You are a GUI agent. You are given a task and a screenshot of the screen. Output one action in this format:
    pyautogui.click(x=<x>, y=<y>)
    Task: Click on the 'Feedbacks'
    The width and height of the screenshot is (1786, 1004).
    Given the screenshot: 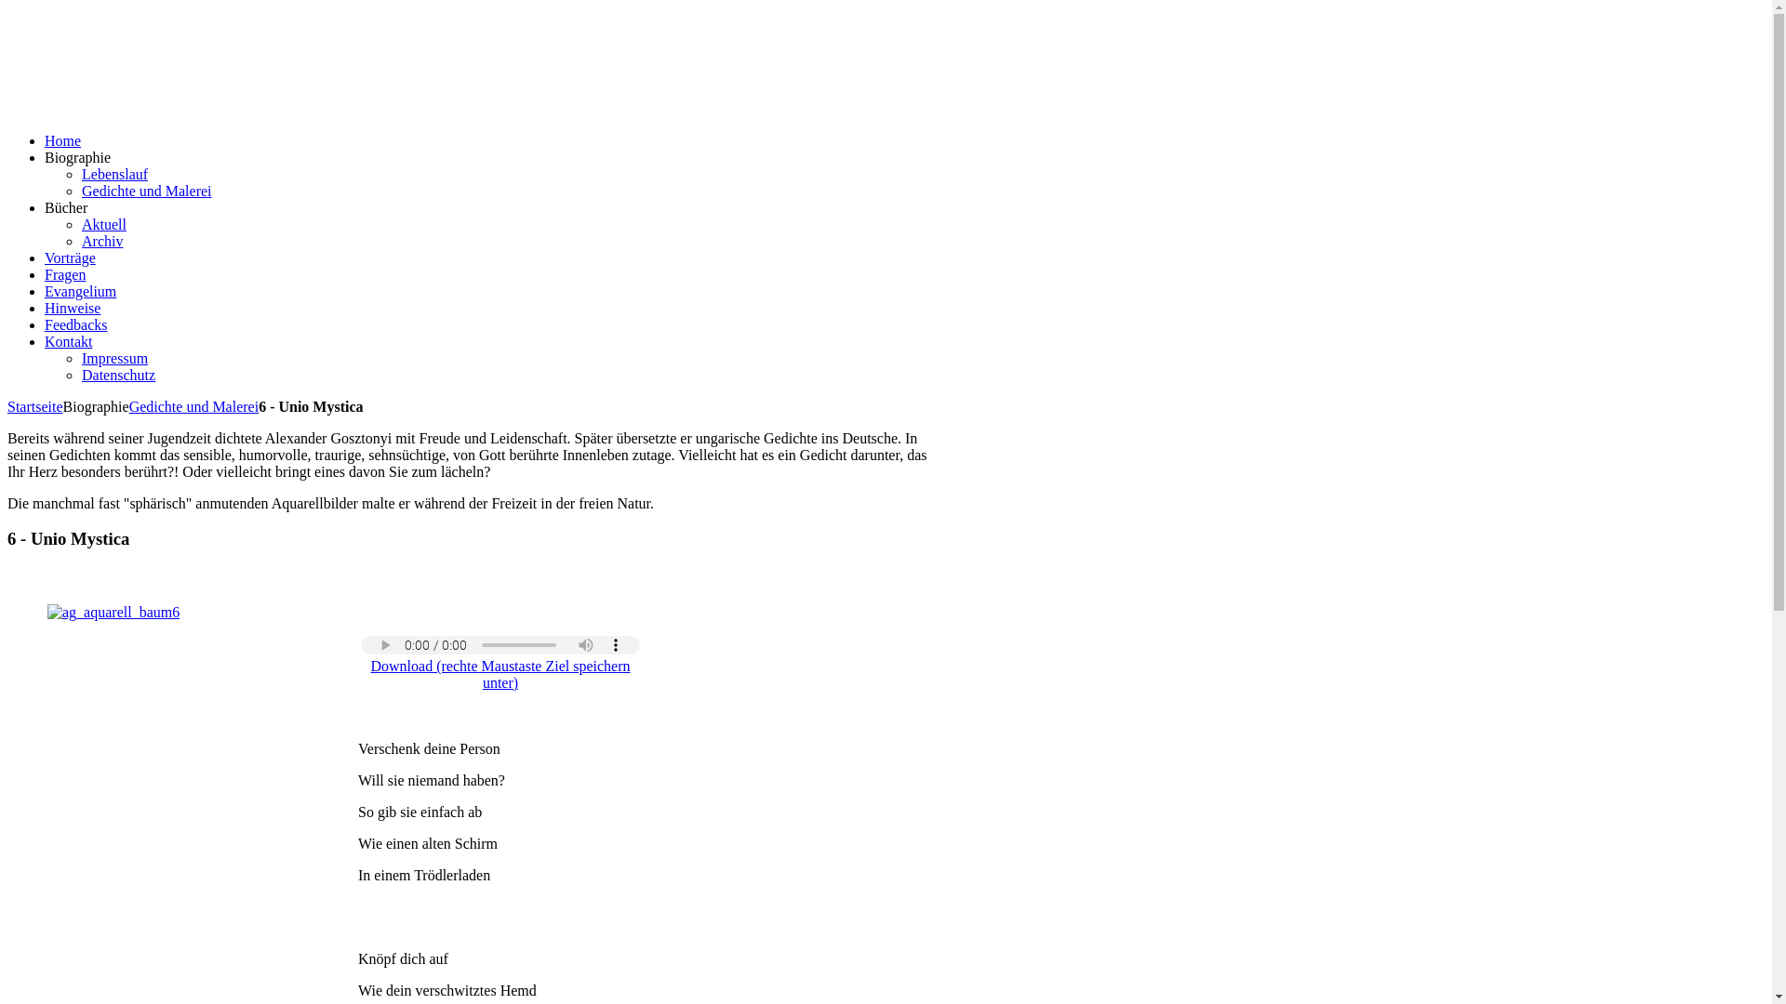 What is the action you would take?
    pyautogui.click(x=74, y=324)
    